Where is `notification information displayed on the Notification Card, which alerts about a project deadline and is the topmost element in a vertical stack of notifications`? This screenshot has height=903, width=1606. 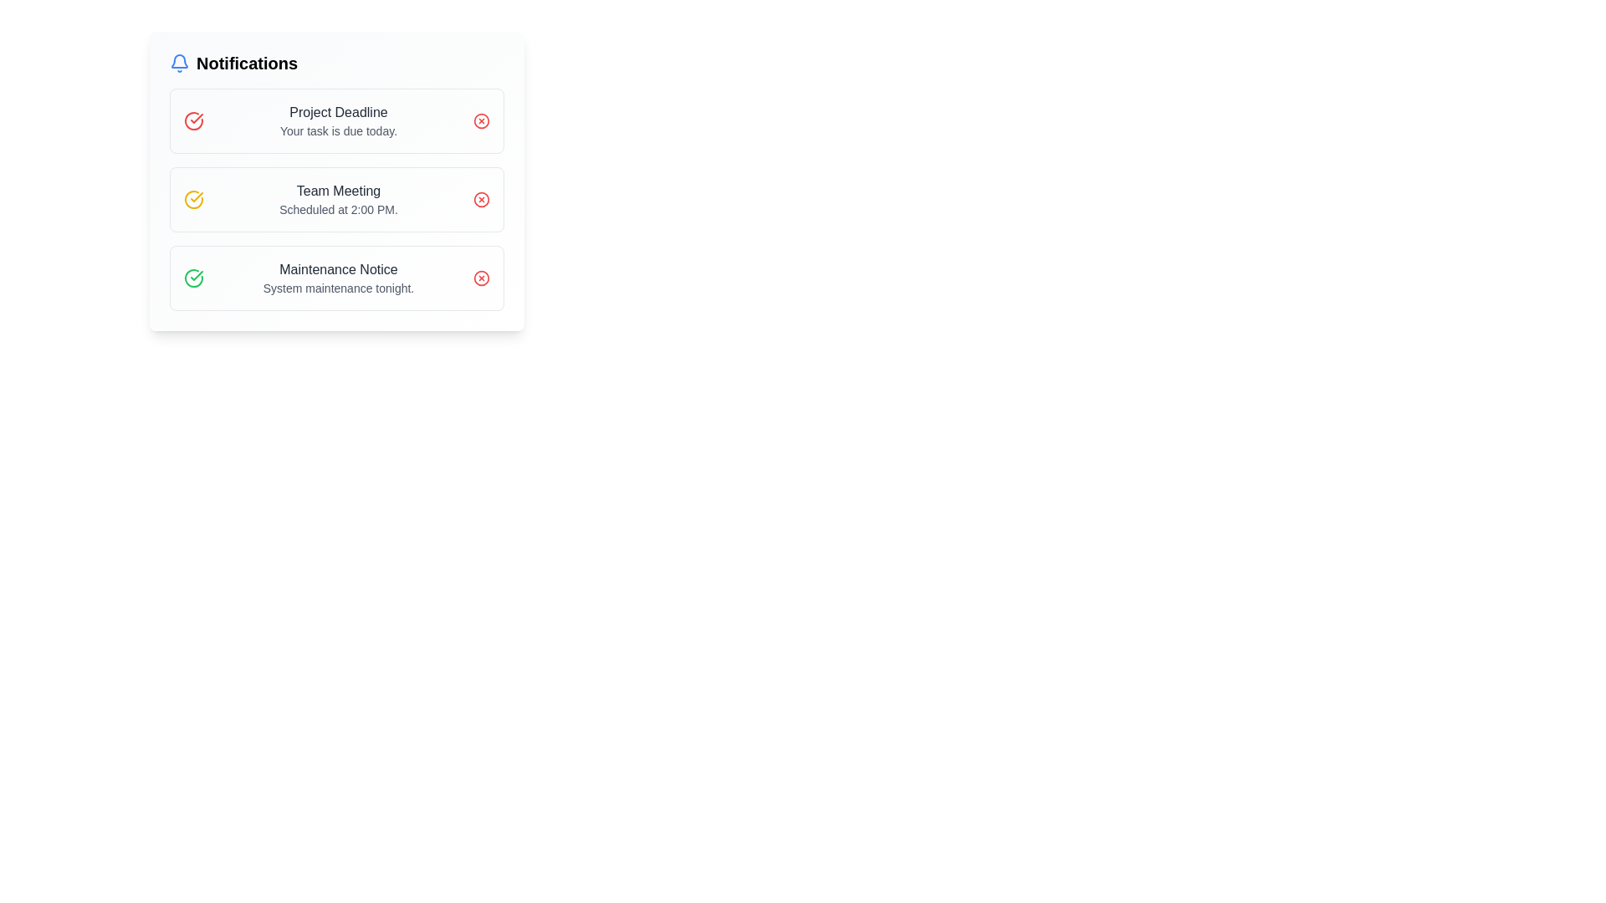 notification information displayed on the Notification Card, which alerts about a project deadline and is the topmost element in a vertical stack of notifications is located at coordinates (336, 120).